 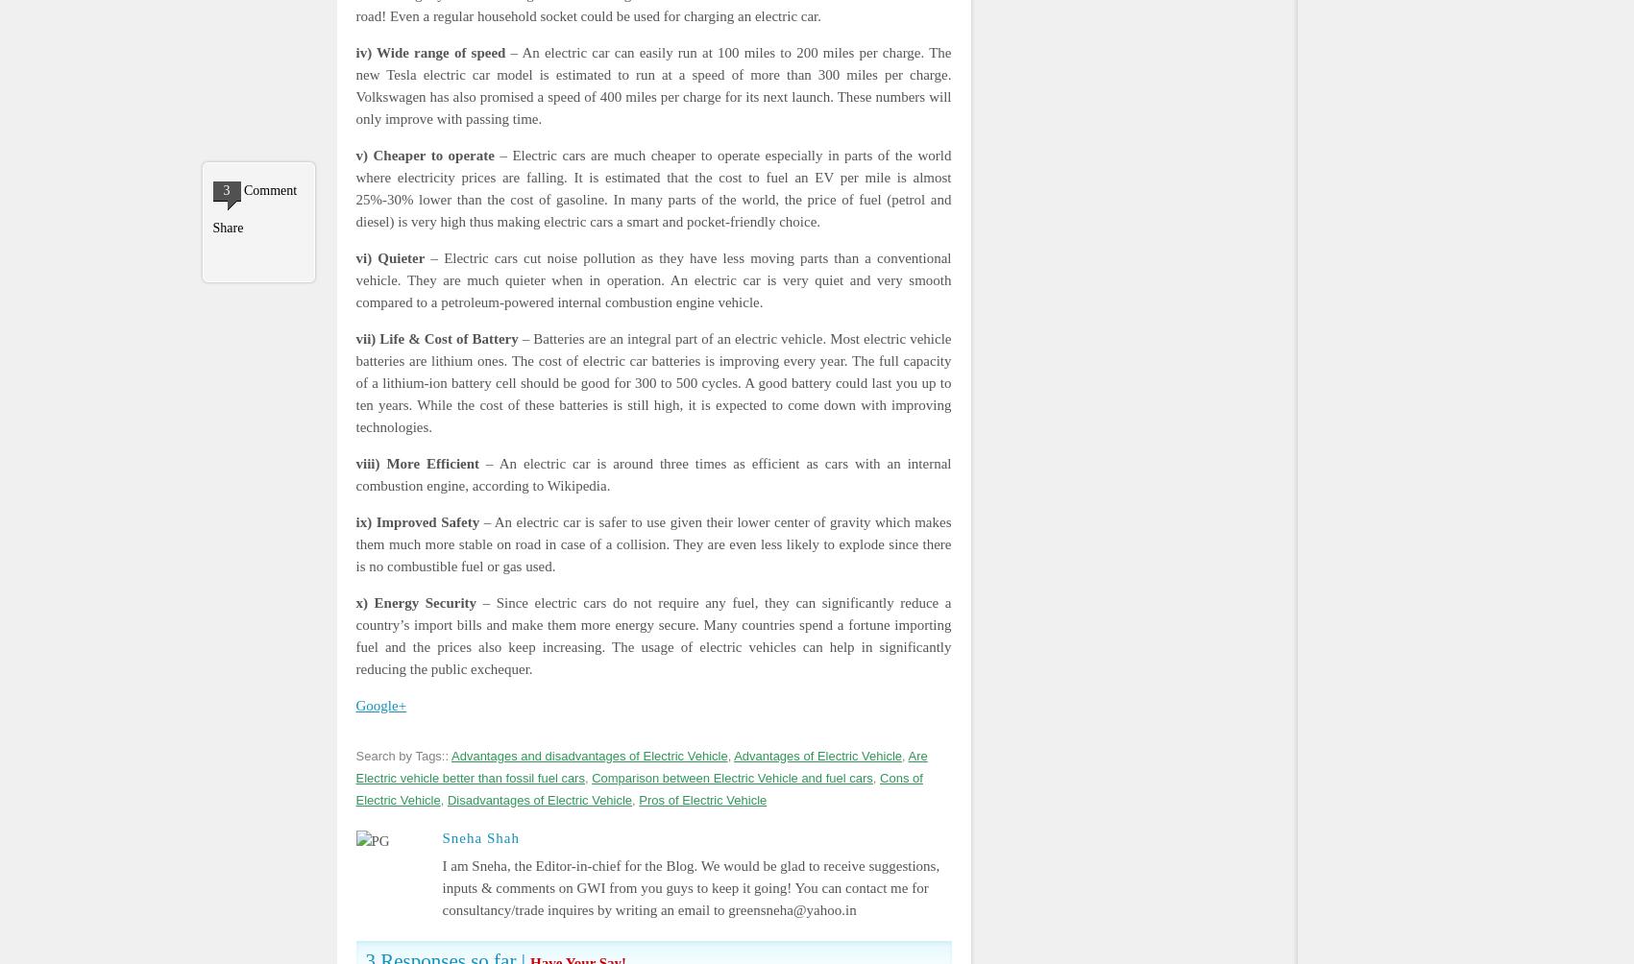 I want to click on '– Batteries are an integral part of an electric vehicle. Most electric vehicle batteries are lithium ones. The cost of electric car batteries is improving every year. The full capacity of a lithium-ion battery cell should be good for 300 to 500 cycles. A good battery could last you up to ten years. While the cost of these batteries is still high, it is expected to come down with improving technologies.', so click(x=652, y=380).